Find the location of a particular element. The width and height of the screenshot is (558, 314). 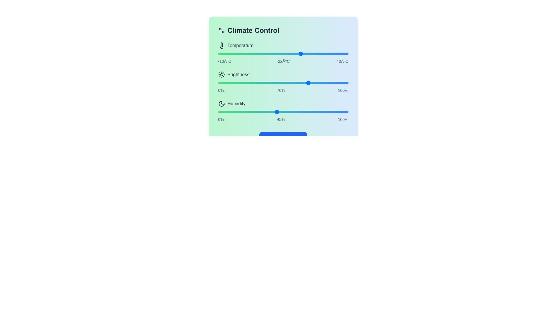

the text label displaying '0%' located in the bottom section of the layout, among the labels representing percentage values for humidity is located at coordinates (221, 119).